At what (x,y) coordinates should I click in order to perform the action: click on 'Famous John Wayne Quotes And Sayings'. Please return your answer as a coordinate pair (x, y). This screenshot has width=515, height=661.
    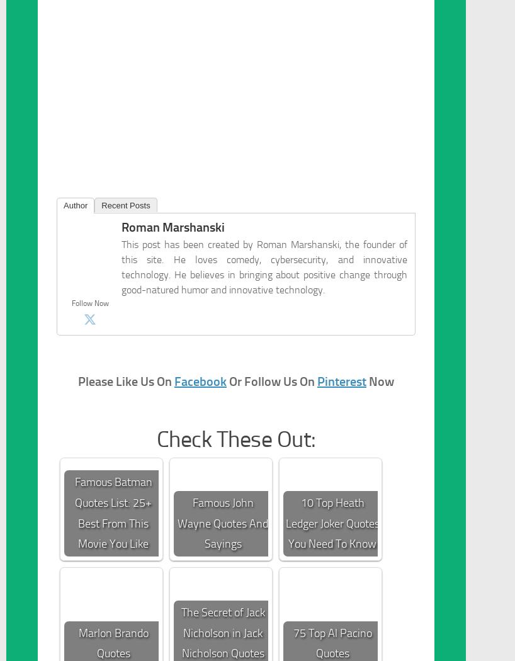
    Looking at the image, I should click on (223, 523).